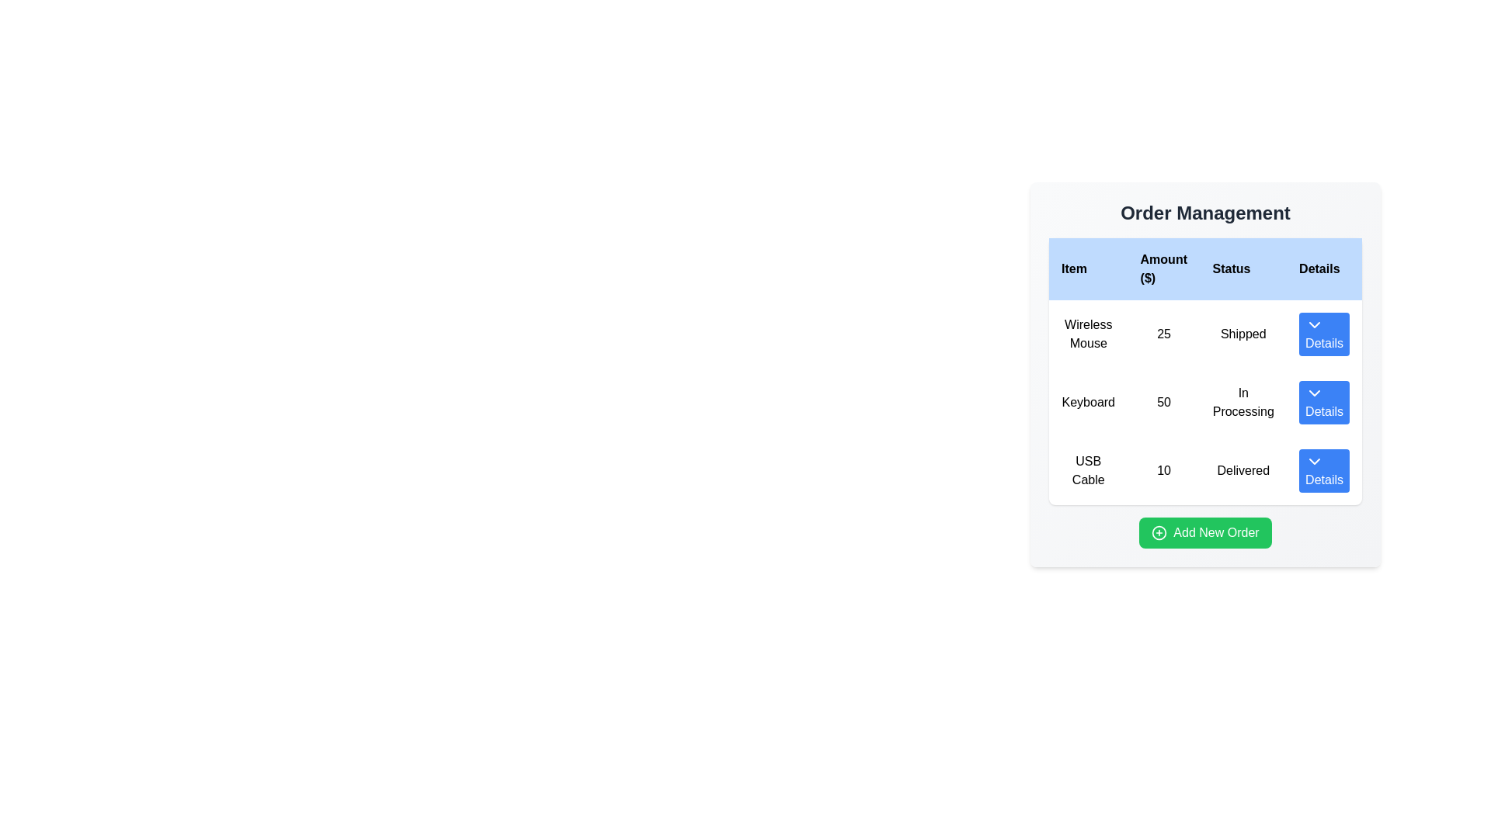  Describe the element at coordinates (1323, 402) in the screenshot. I see `the 'Details' button in the second row of the 'Order Management' table` at that location.